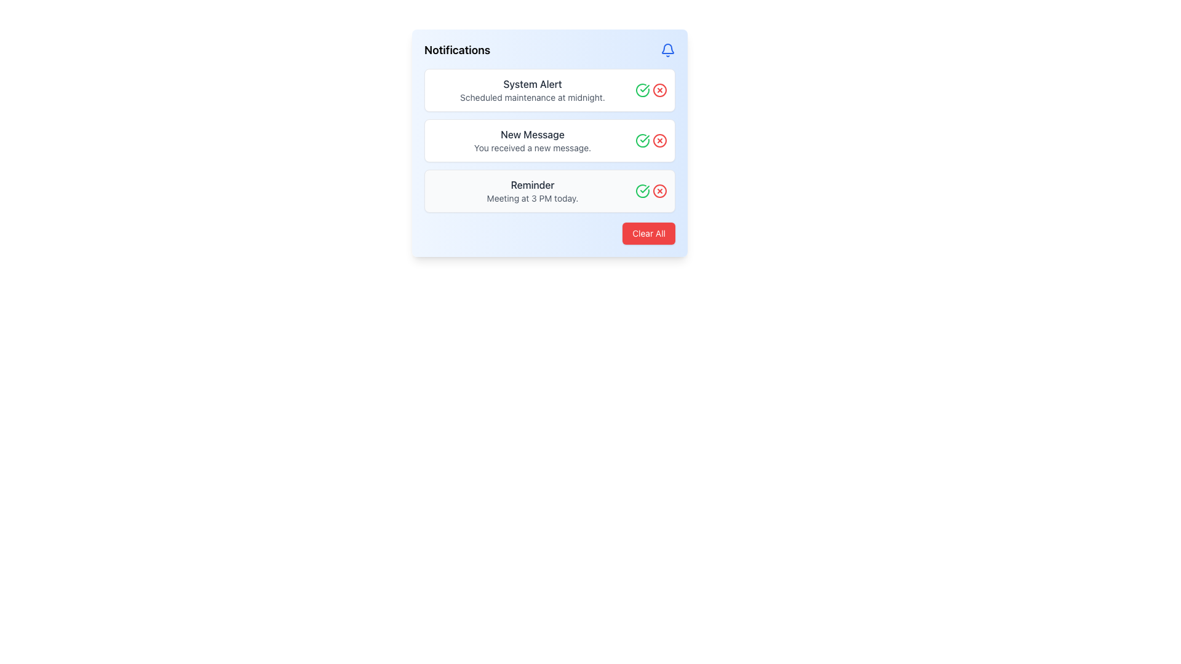  What do you see at coordinates (532, 184) in the screenshot?
I see `the text label of the third notification entry titled 'Notifications', which summarizes the notification subject above the description 'Meeting at 3 PM today'` at bounding box center [532, 184].